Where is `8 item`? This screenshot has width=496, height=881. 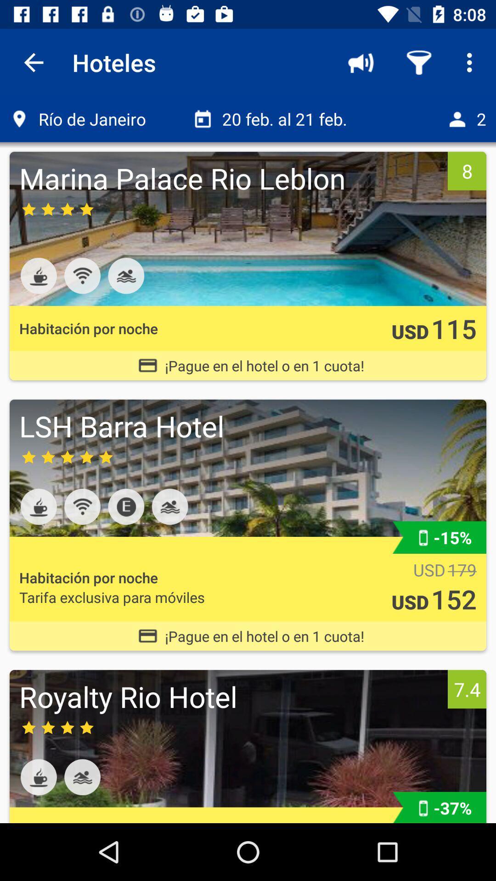 8 item is located at coordinates (467, 171).